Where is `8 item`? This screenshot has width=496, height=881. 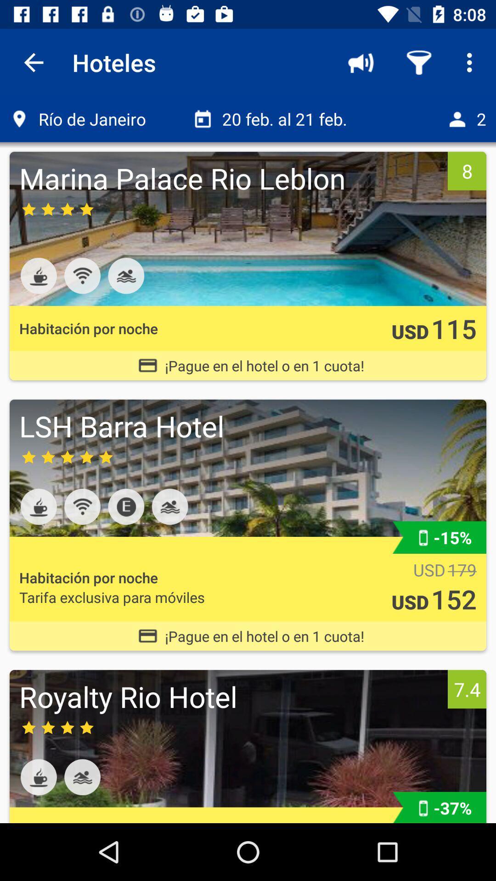 8 item is located at coordinates (467, 171).